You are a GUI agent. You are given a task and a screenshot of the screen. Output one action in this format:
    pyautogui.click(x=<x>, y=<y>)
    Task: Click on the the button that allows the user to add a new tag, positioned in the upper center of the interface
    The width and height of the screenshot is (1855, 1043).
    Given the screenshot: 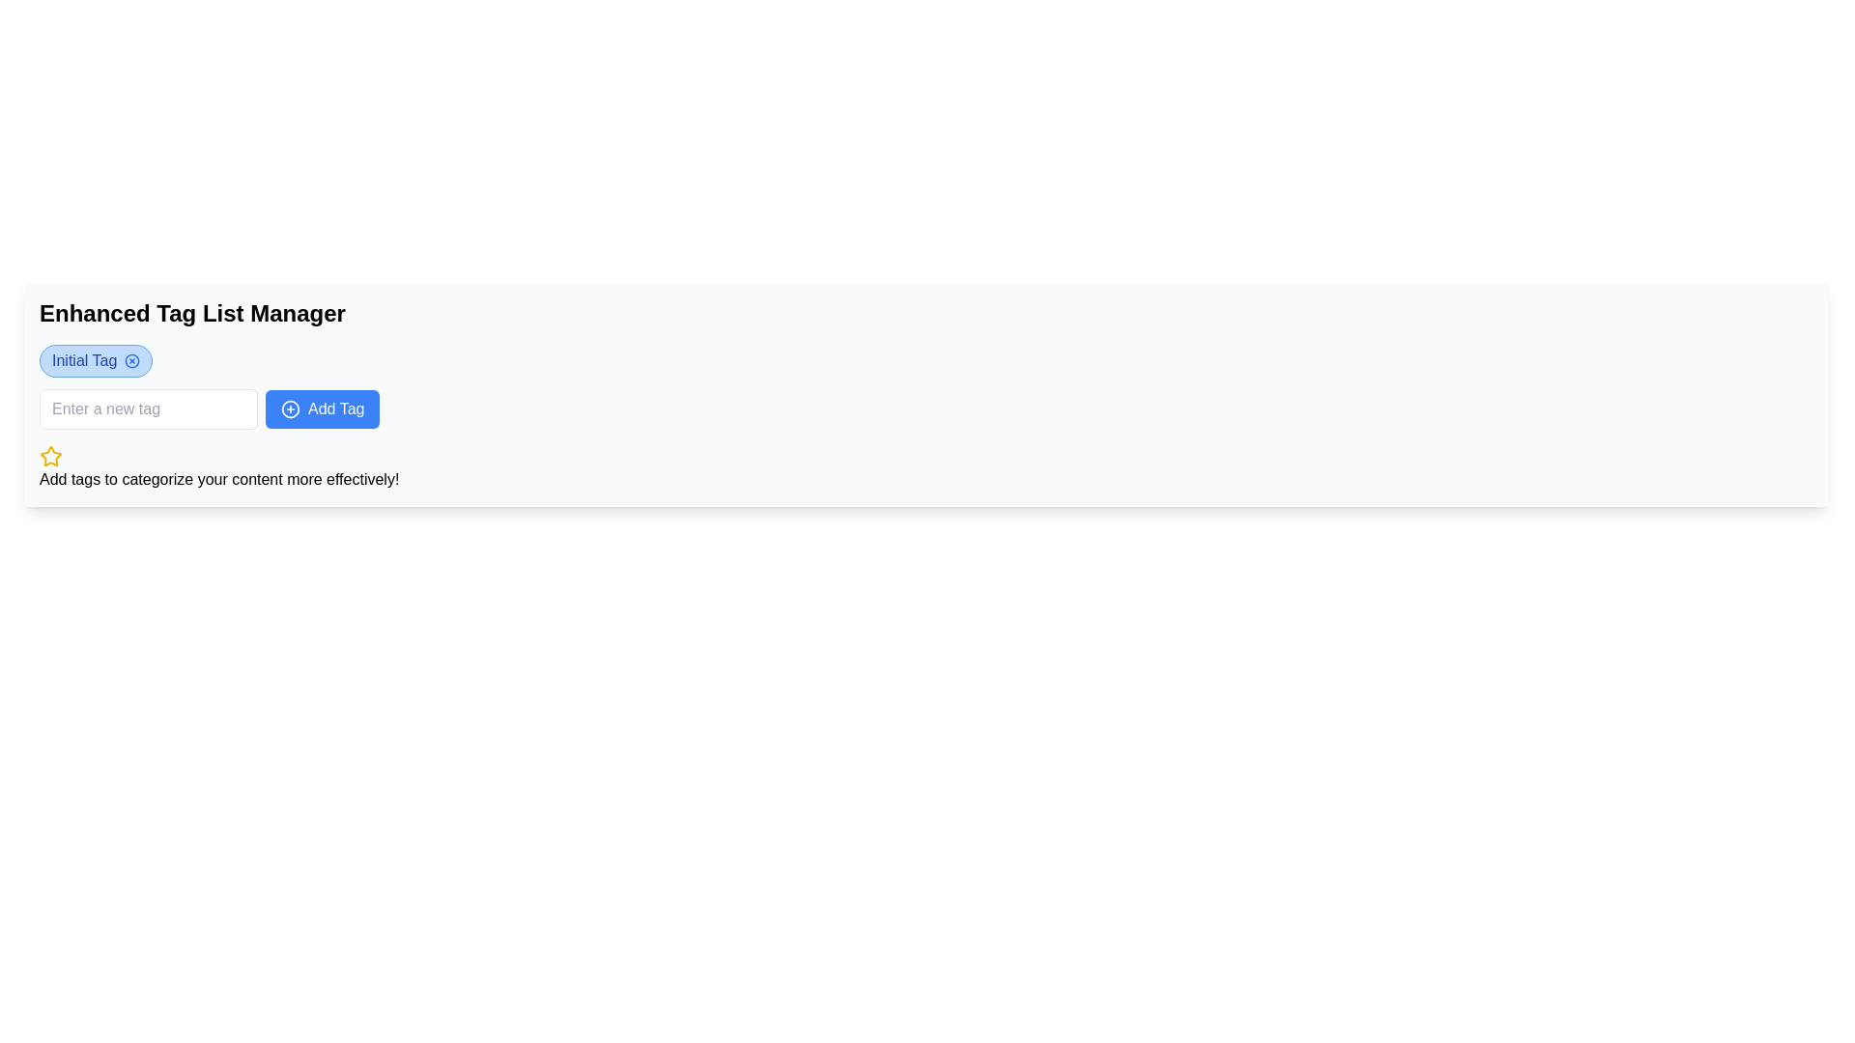 What is the action you would take?
    pyautogui.click(x=323, y=409)
    